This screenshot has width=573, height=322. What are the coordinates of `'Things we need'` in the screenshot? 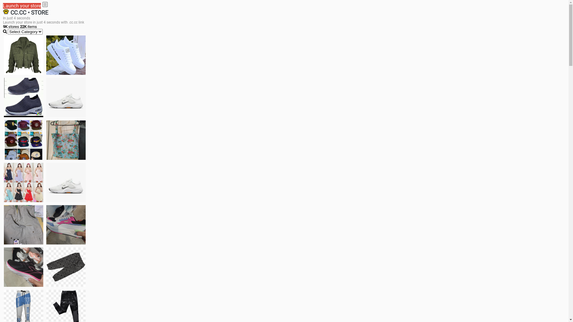 It's located at (23, 140).